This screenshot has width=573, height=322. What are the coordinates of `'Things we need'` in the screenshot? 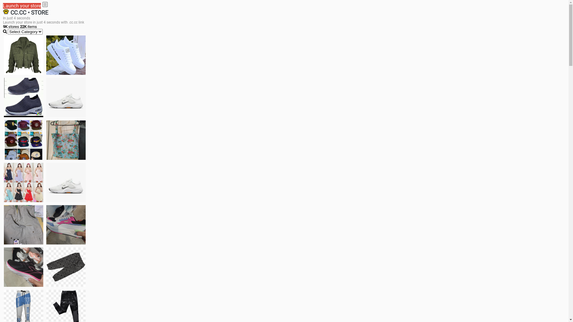 It's located at (23, 140).